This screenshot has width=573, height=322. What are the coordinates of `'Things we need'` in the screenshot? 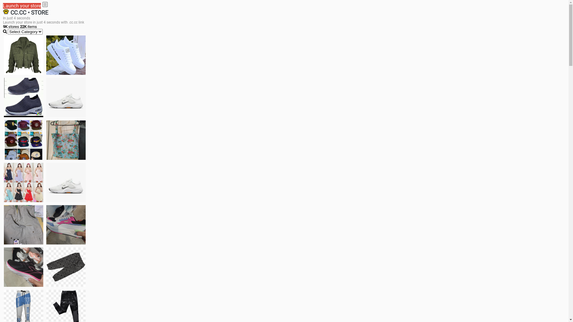 It's located at (23, 140).